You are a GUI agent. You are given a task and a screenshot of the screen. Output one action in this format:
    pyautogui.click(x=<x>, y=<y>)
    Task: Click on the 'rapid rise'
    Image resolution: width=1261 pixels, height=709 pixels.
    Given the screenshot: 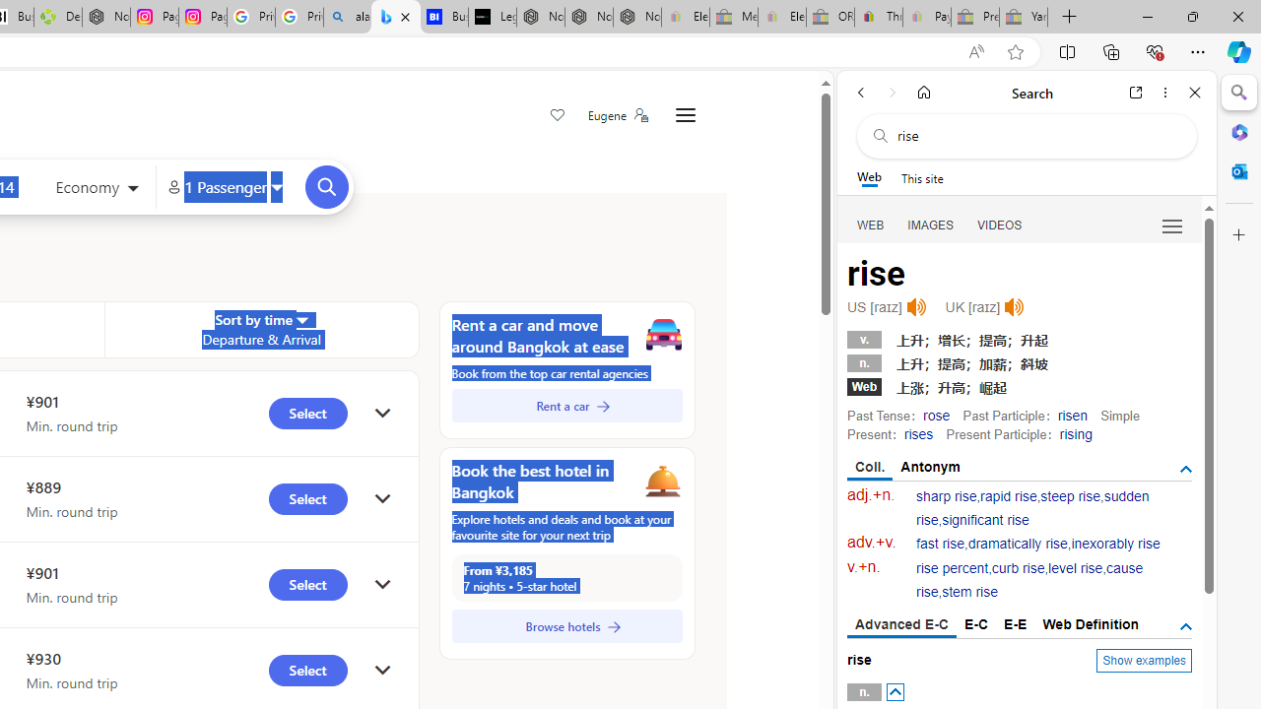 What is the action you would take?
    pyautogui.click(x=1009, y=495)
    